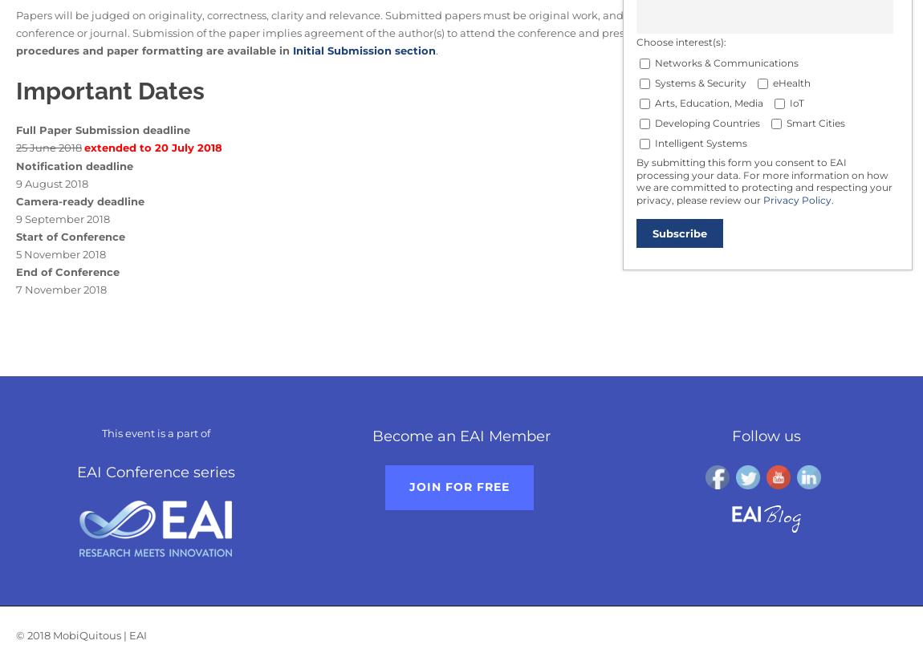  What do you see at coordinates (152, 148) in the screenshot?
I see `'extended to 20 July 2018'` at bounding box center [152, 148].